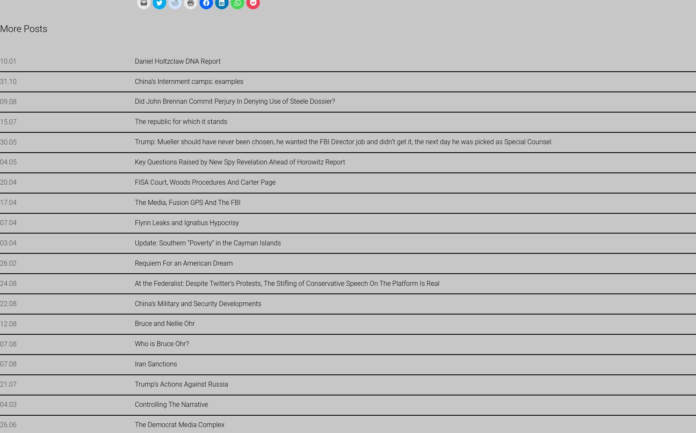 The width and height of the screenshot is (696, 433). Describe the element at coordinates (8, 121) in the screenshot. I see `'15.07'` at that location.